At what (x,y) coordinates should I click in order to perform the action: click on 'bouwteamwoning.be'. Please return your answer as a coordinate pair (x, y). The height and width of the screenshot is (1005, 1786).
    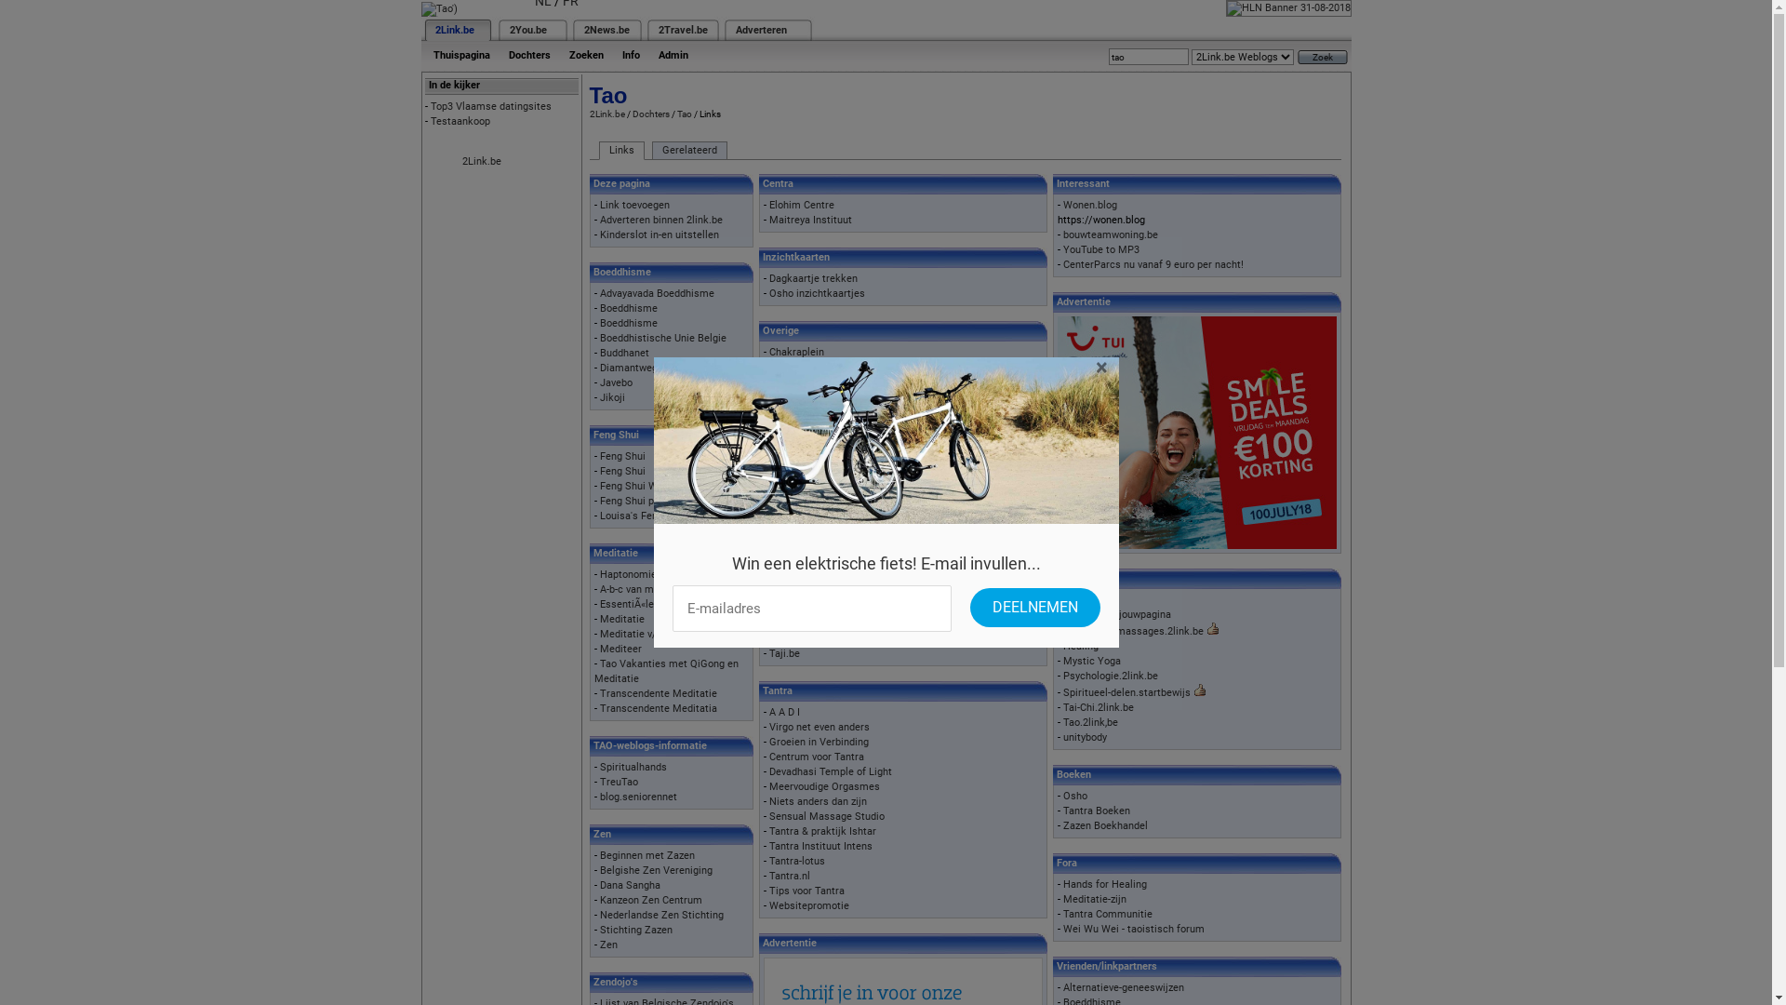
    Looking at the image, I should click on (1110, 234).